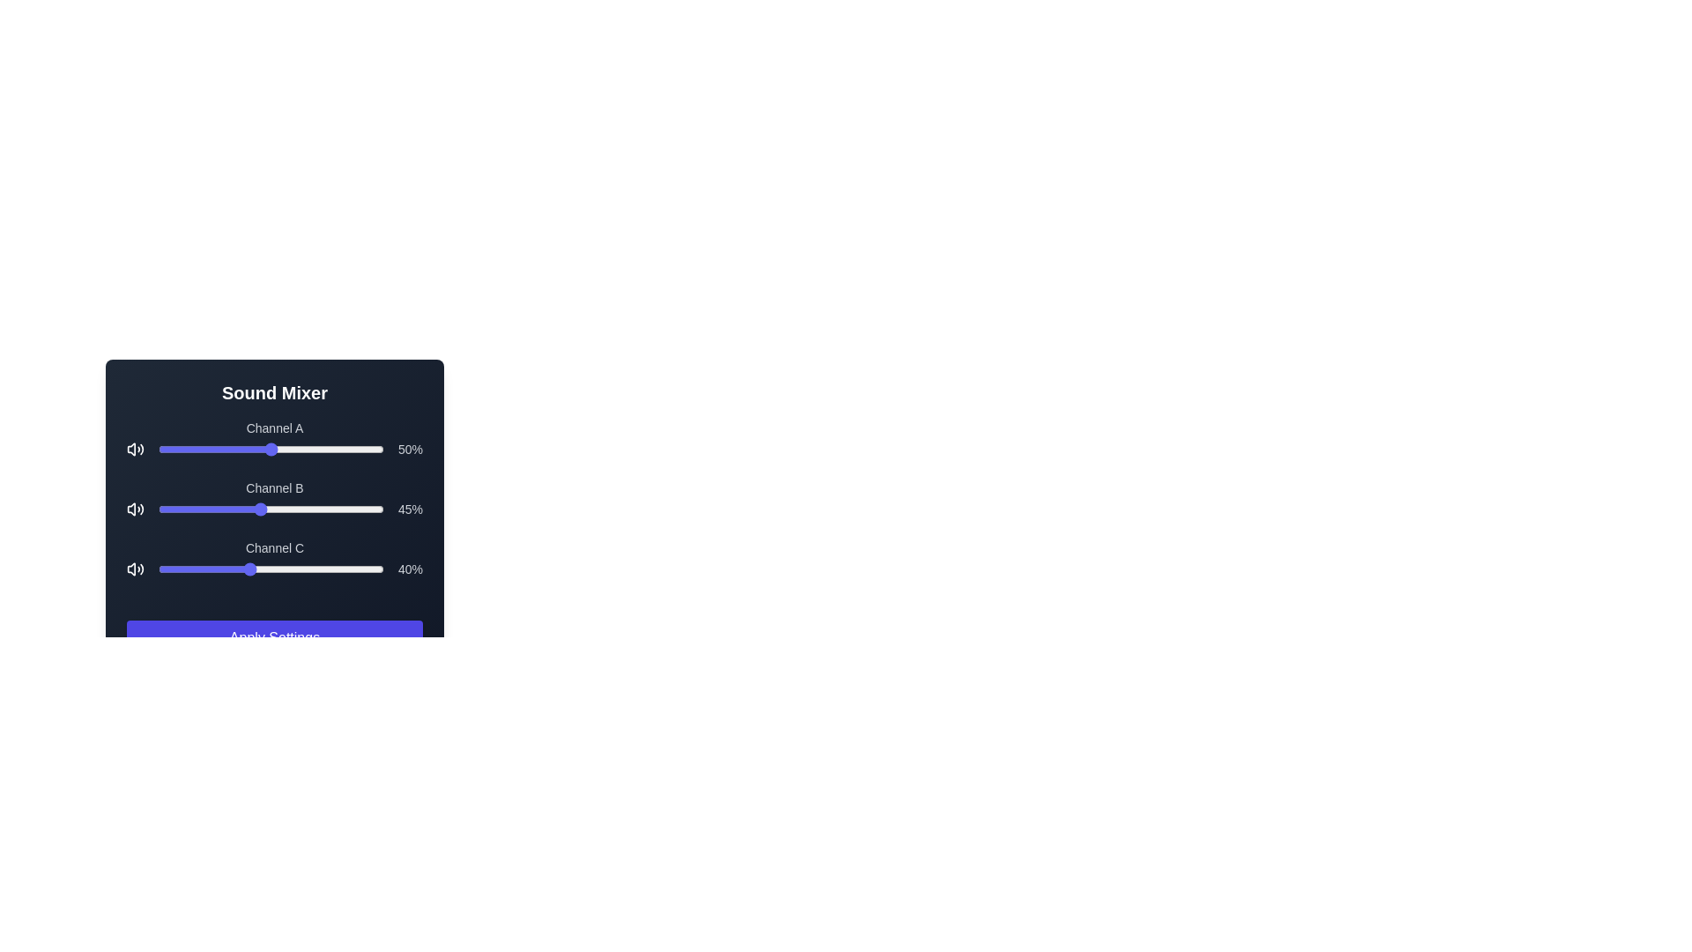 Image resolution: width=1692 pixels, height=952 pixels. What do you see at coordinates (282, 569) in the screenshot?
I see `the slider` at bounding box center [282, 569].